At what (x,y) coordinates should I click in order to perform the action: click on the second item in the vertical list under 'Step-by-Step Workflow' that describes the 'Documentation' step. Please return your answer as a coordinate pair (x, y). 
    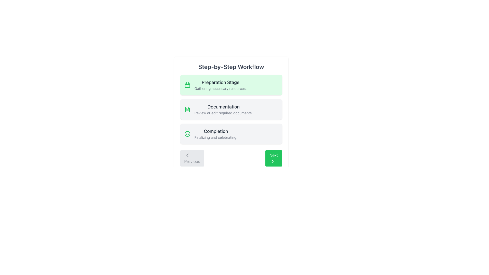
    Looking at the image, I should click on (223, 109).